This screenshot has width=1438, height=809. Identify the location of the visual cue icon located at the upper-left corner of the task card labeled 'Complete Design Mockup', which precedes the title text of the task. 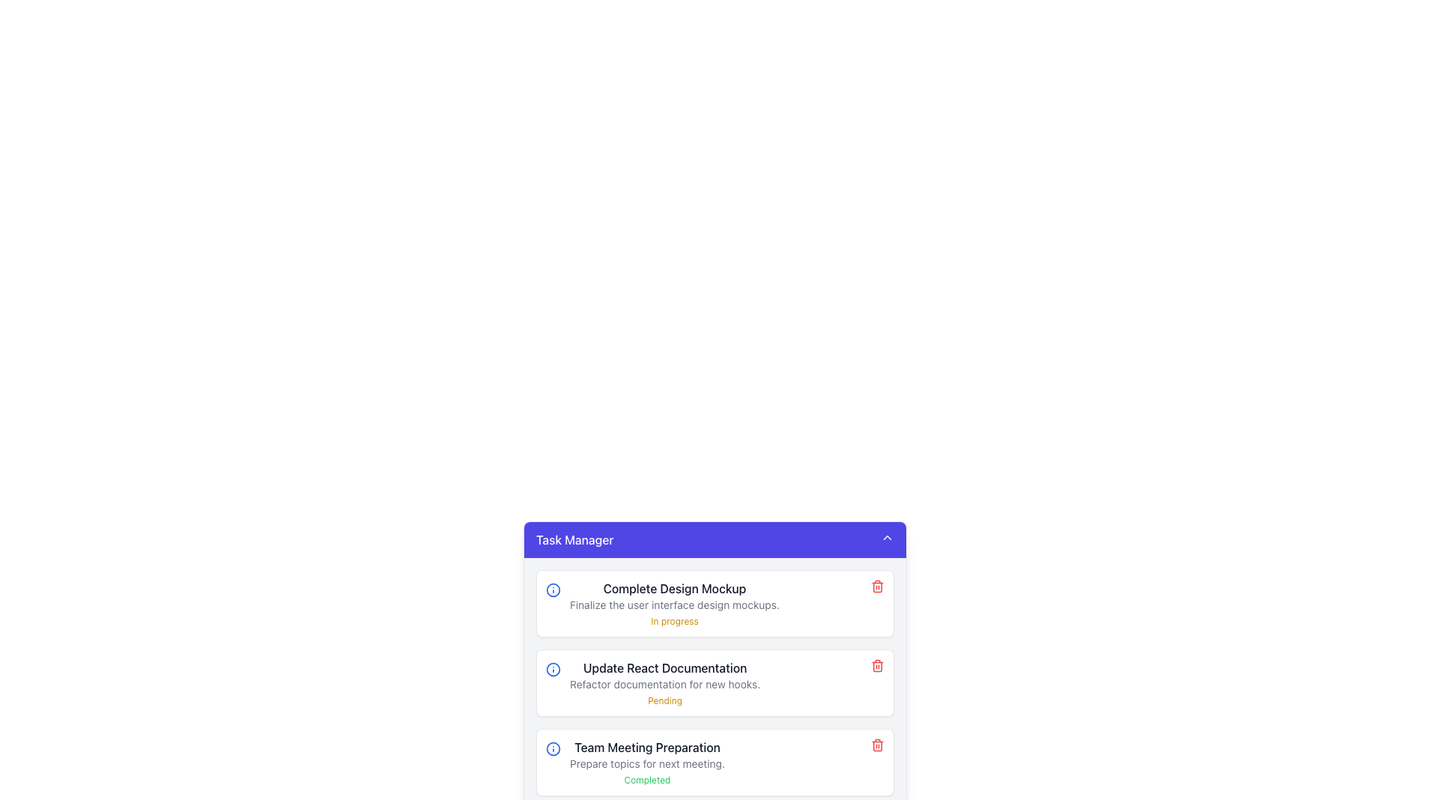
(553, 589).